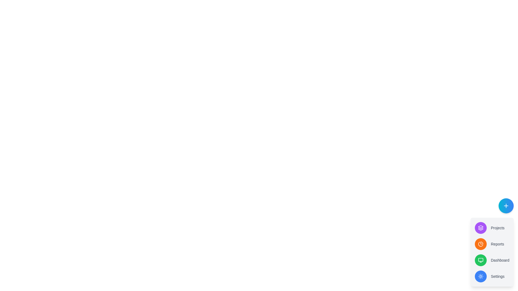  Describe the element at coordinates (480, 228) in the screenshot. I see `the 'Projects' icon located within the round button at the bottom-right corner of the interface` at that location.